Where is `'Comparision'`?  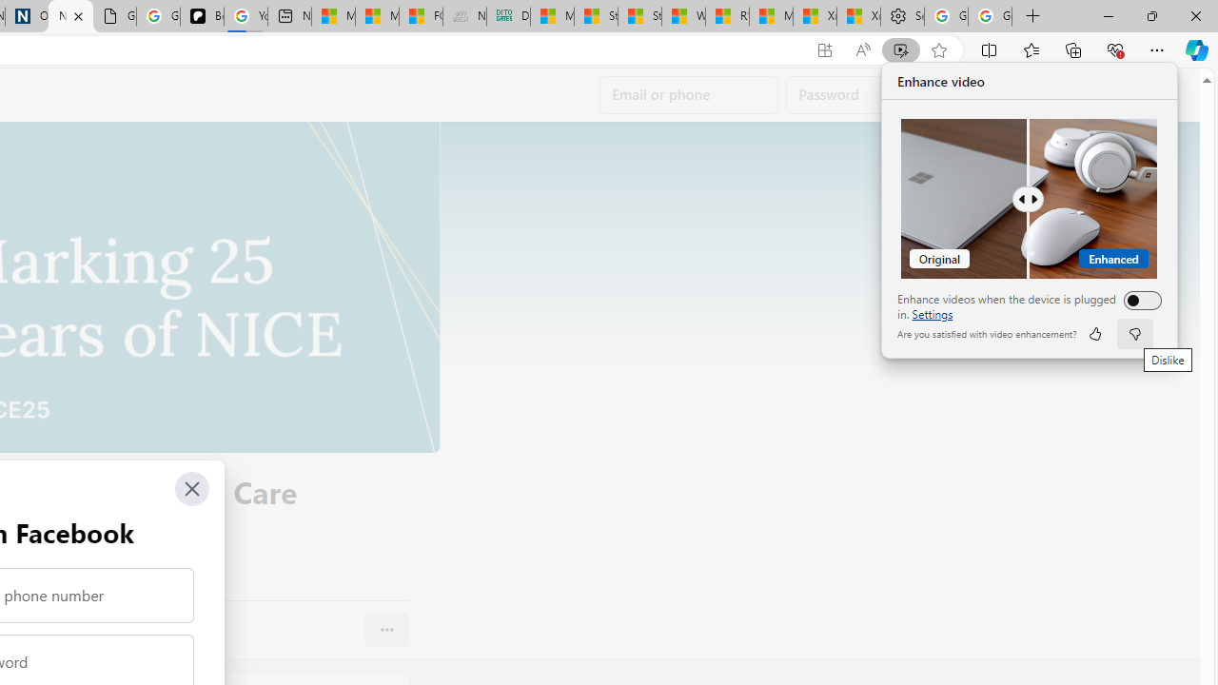
'Comparision' is located at coordinates (1028, 199).